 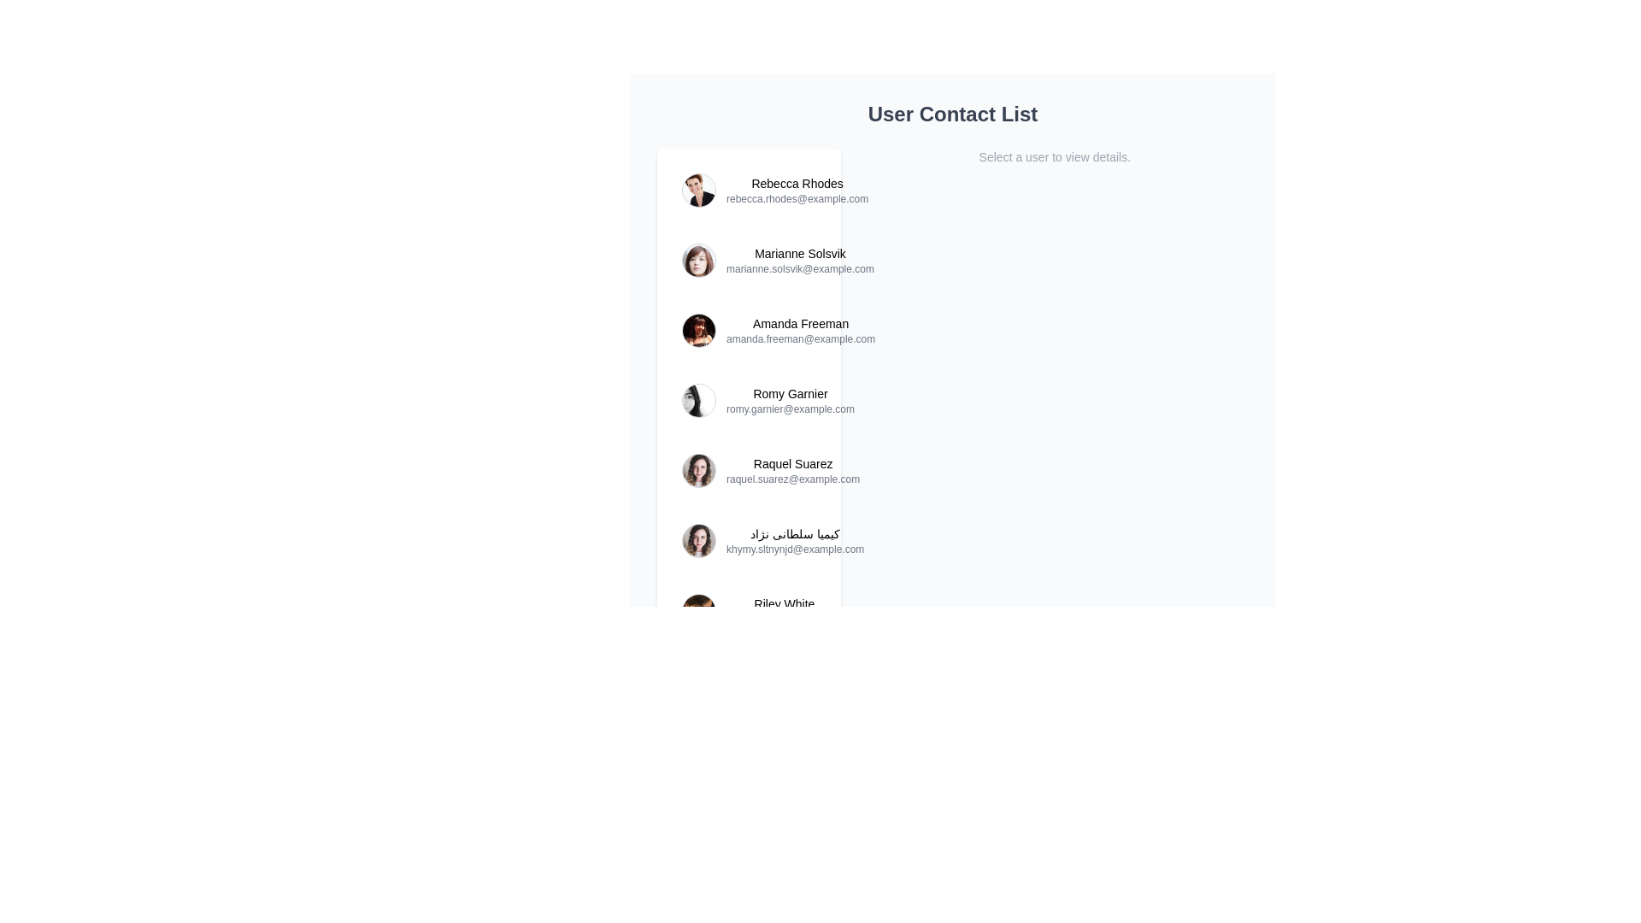 What do you see at coordinates (698, 330) in the screenshot?
I see `the circular user profile picture of Amanda Freeman, which has a gray border and is located to the left of her name in the user contact list` at bounding box center [698, 330].